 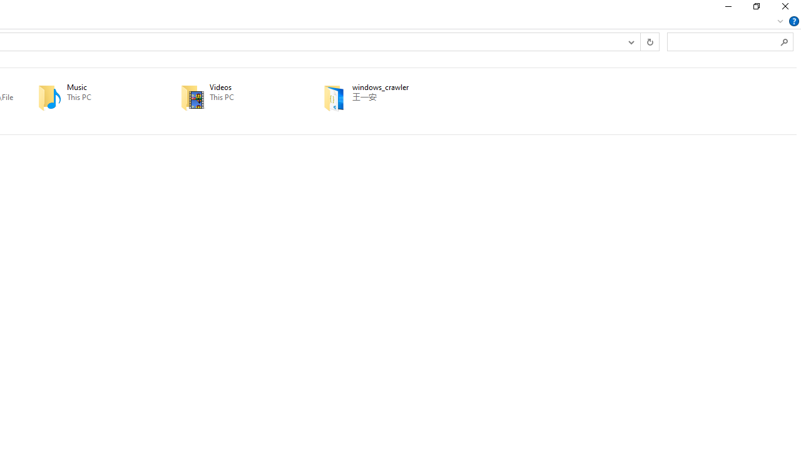 What do you see at coordinates (640, 41) in the screenshot?
I see `'Address band toolbar'` at bounding box center [640, 41].